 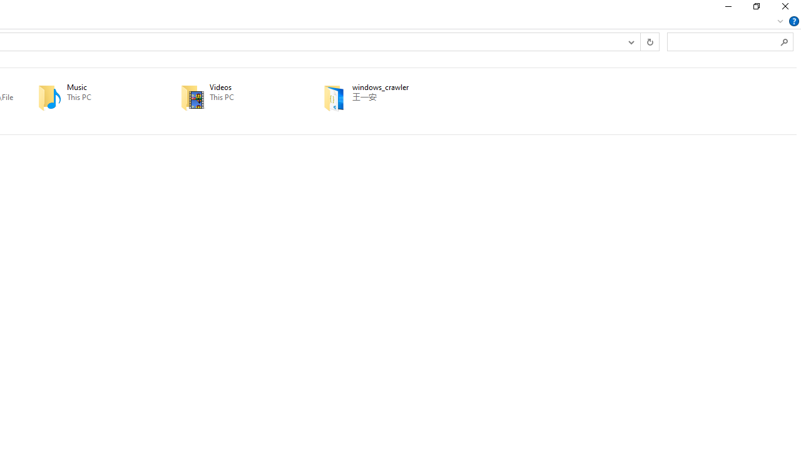 What do you see at coordinates (640, 41) in the screenshot?
I see `'Address band toolbar'` at bounding box center [640, 41].